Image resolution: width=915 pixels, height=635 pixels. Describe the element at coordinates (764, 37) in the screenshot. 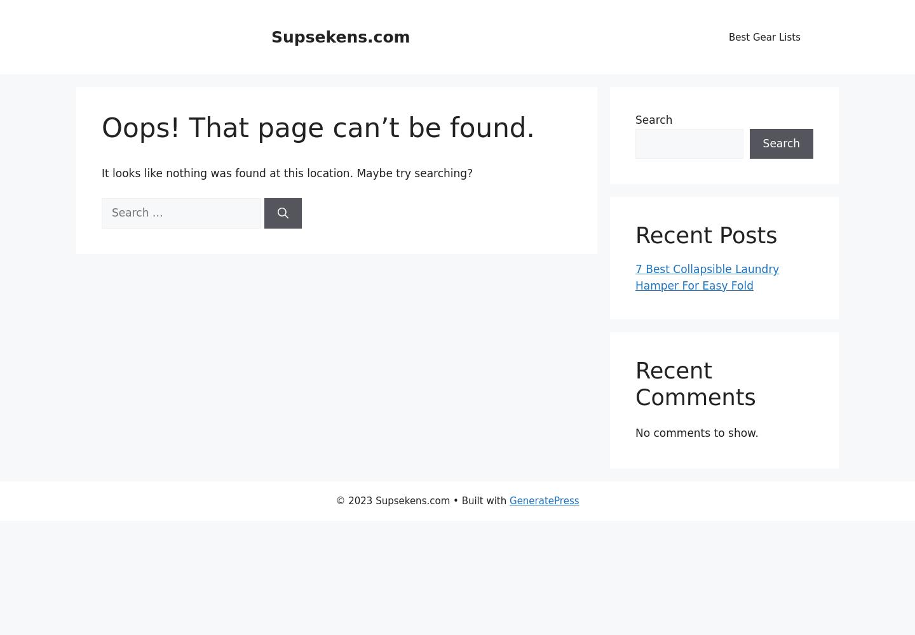

I see `'Best Gear Lists'` at that location.